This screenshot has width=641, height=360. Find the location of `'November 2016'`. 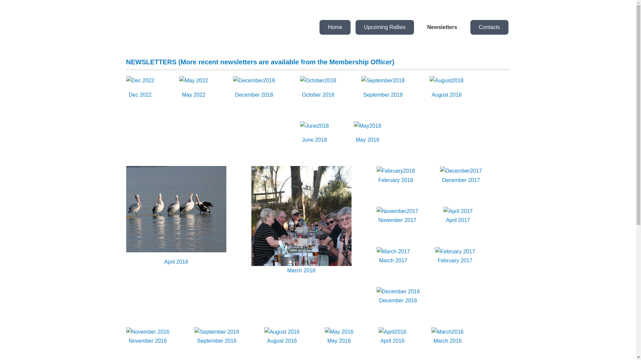

'November 2016' is located at coordinates (129, 341).